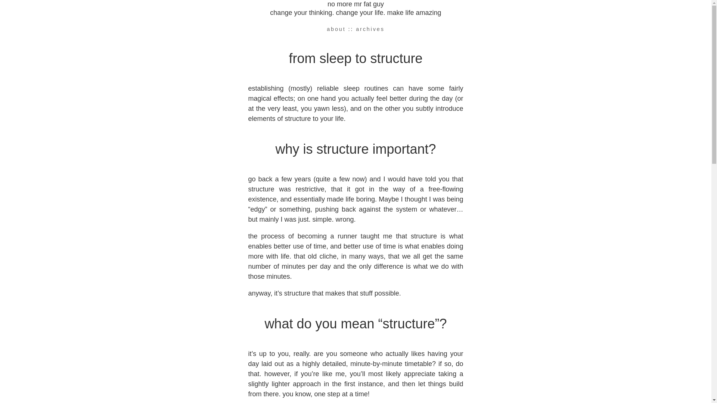 The width and height of the screenshot is (717, 403). Describe the element at coordinates (356, 28) in the screenshot. I see `'archives'` at that location.